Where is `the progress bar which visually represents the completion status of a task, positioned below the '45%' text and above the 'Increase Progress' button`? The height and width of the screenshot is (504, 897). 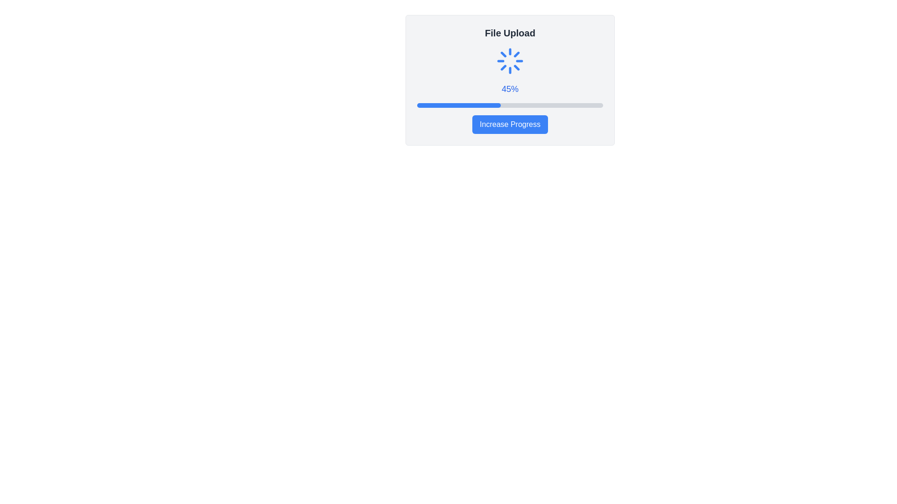 the progress bar which visually represents the completion status of a task, positioned below the '45%' text and above the 'Increase Progress' button is located at coordinates (509, 105).